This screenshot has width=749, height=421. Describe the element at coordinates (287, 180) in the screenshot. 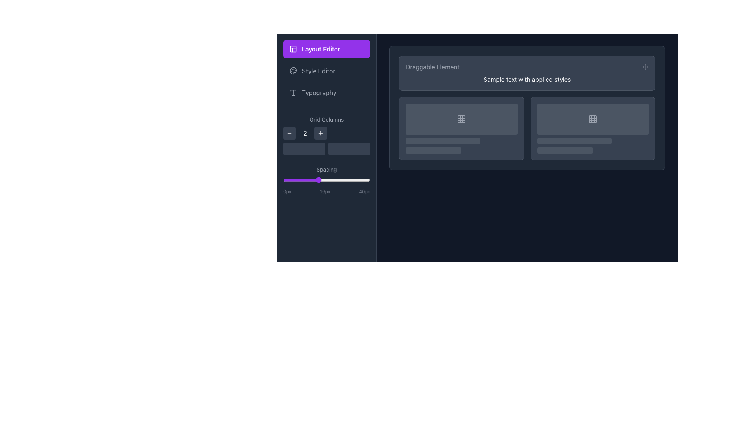

I see `the spacing value` at that location.